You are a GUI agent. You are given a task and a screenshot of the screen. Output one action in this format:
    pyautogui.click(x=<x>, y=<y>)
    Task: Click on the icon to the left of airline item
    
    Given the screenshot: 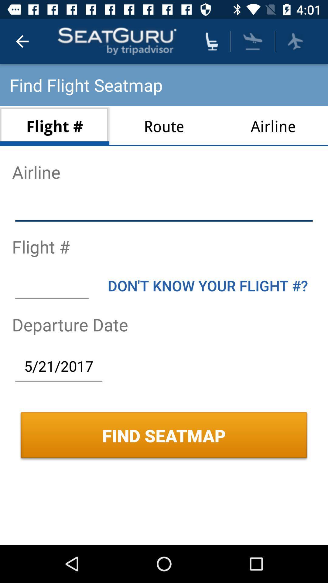 What is the action you would take?
    pyautogui.click(x=164, y=126)
    